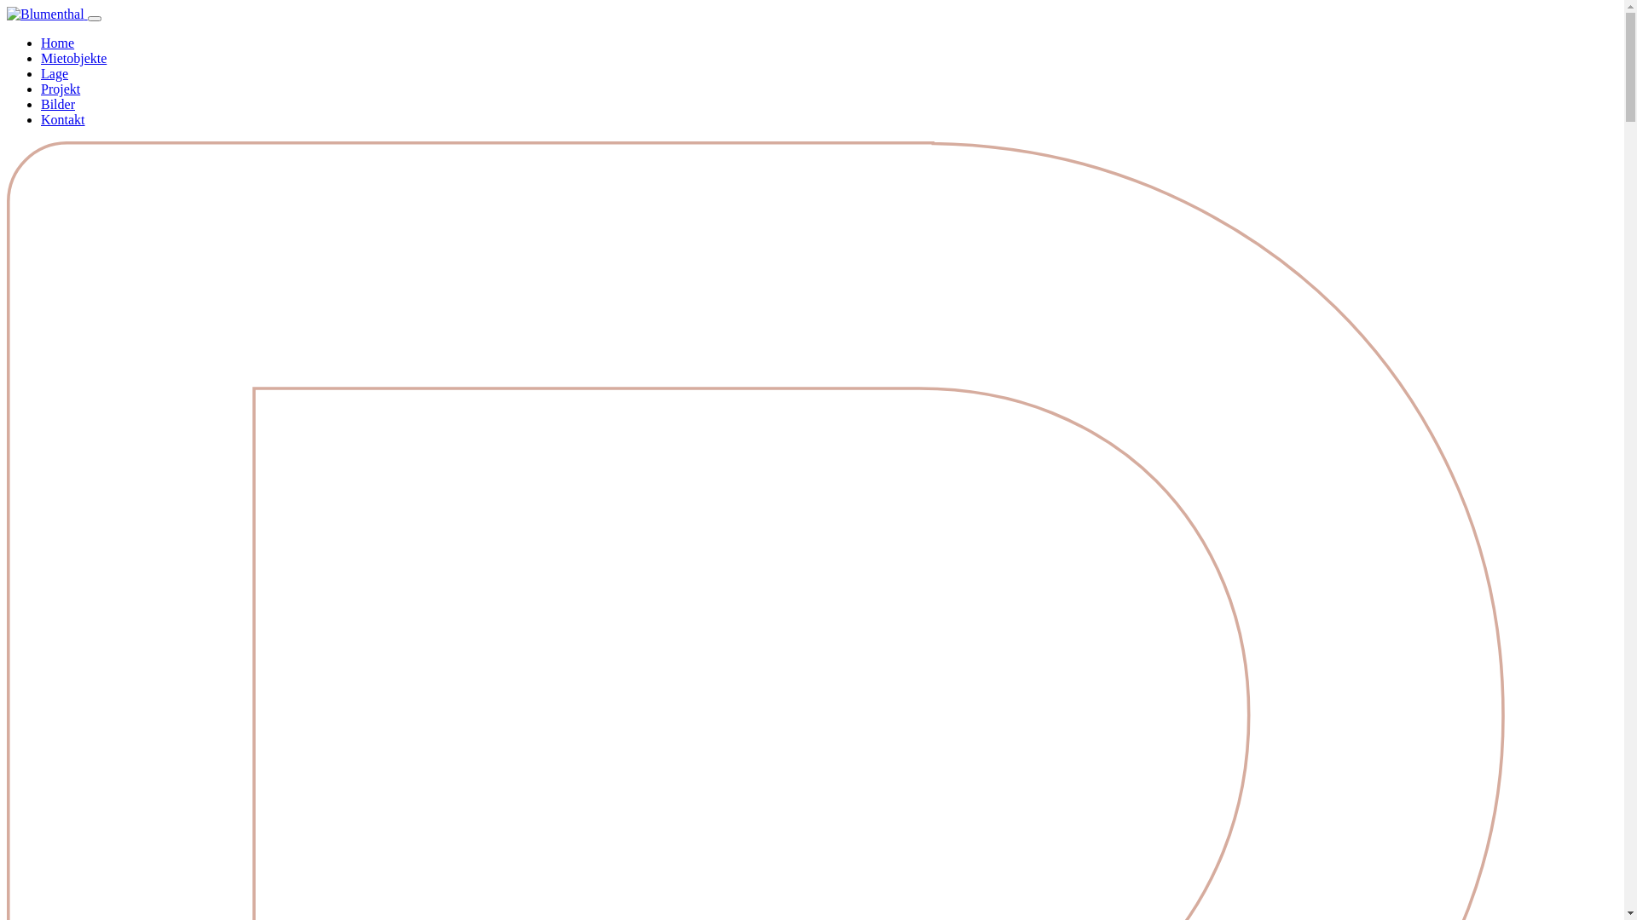 This screenshot has width=1637, height=920. I want to click on 'Projekt', so click(61, 89).